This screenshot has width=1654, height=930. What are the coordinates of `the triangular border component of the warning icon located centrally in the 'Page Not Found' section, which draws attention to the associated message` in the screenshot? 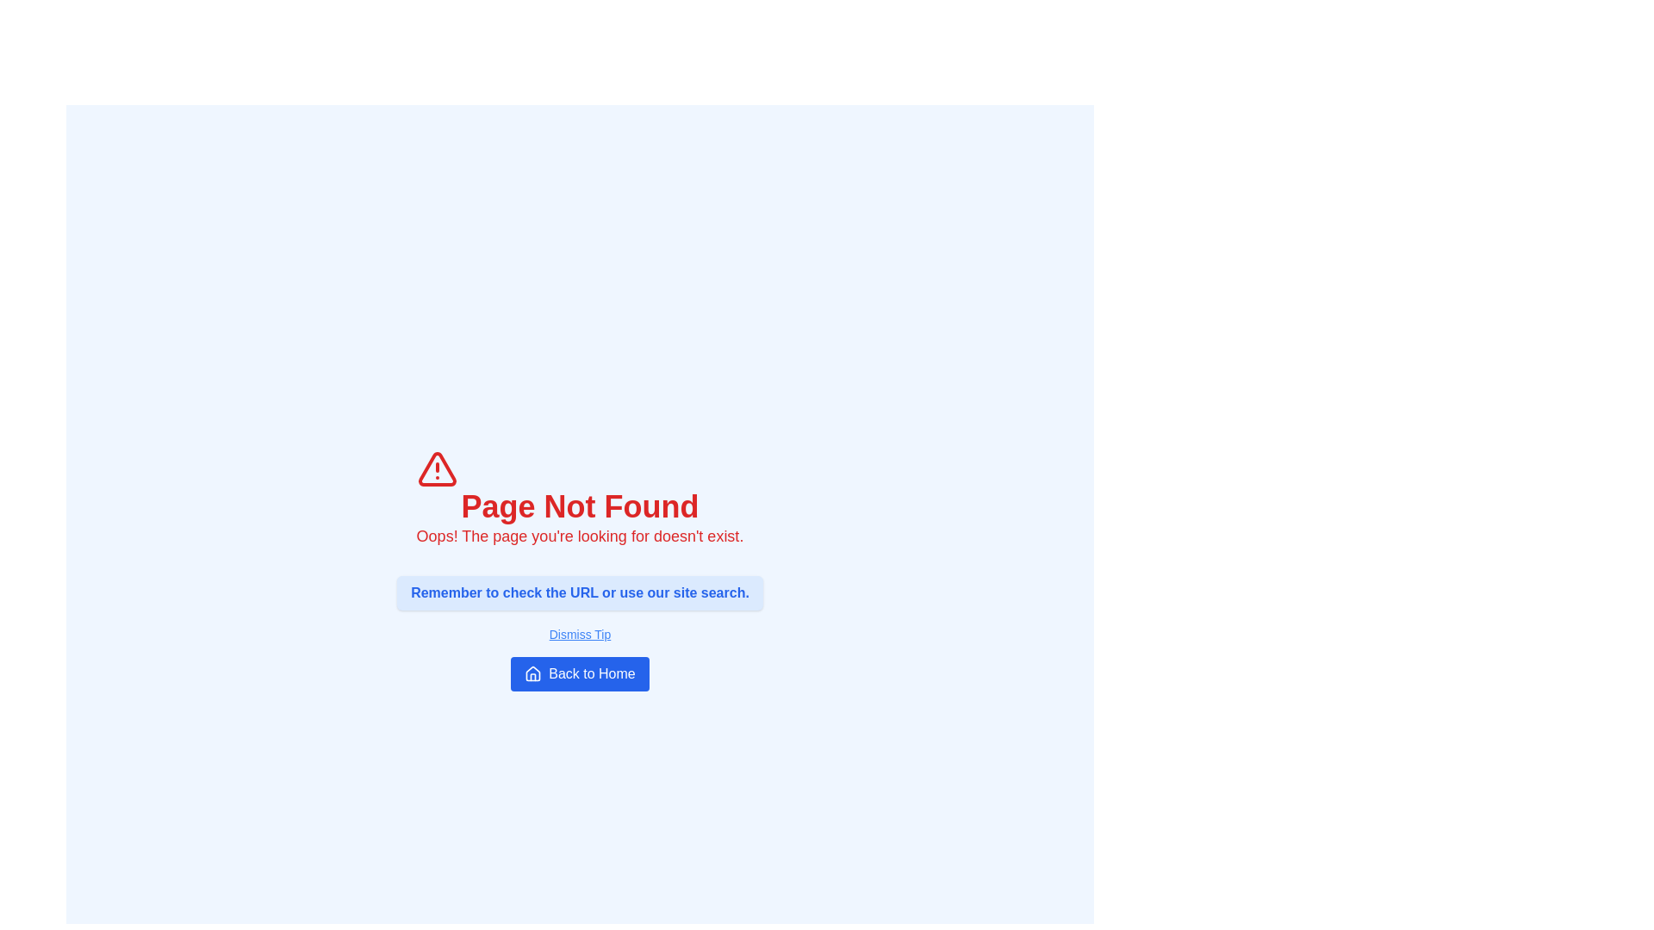 It's located at (437, 468).